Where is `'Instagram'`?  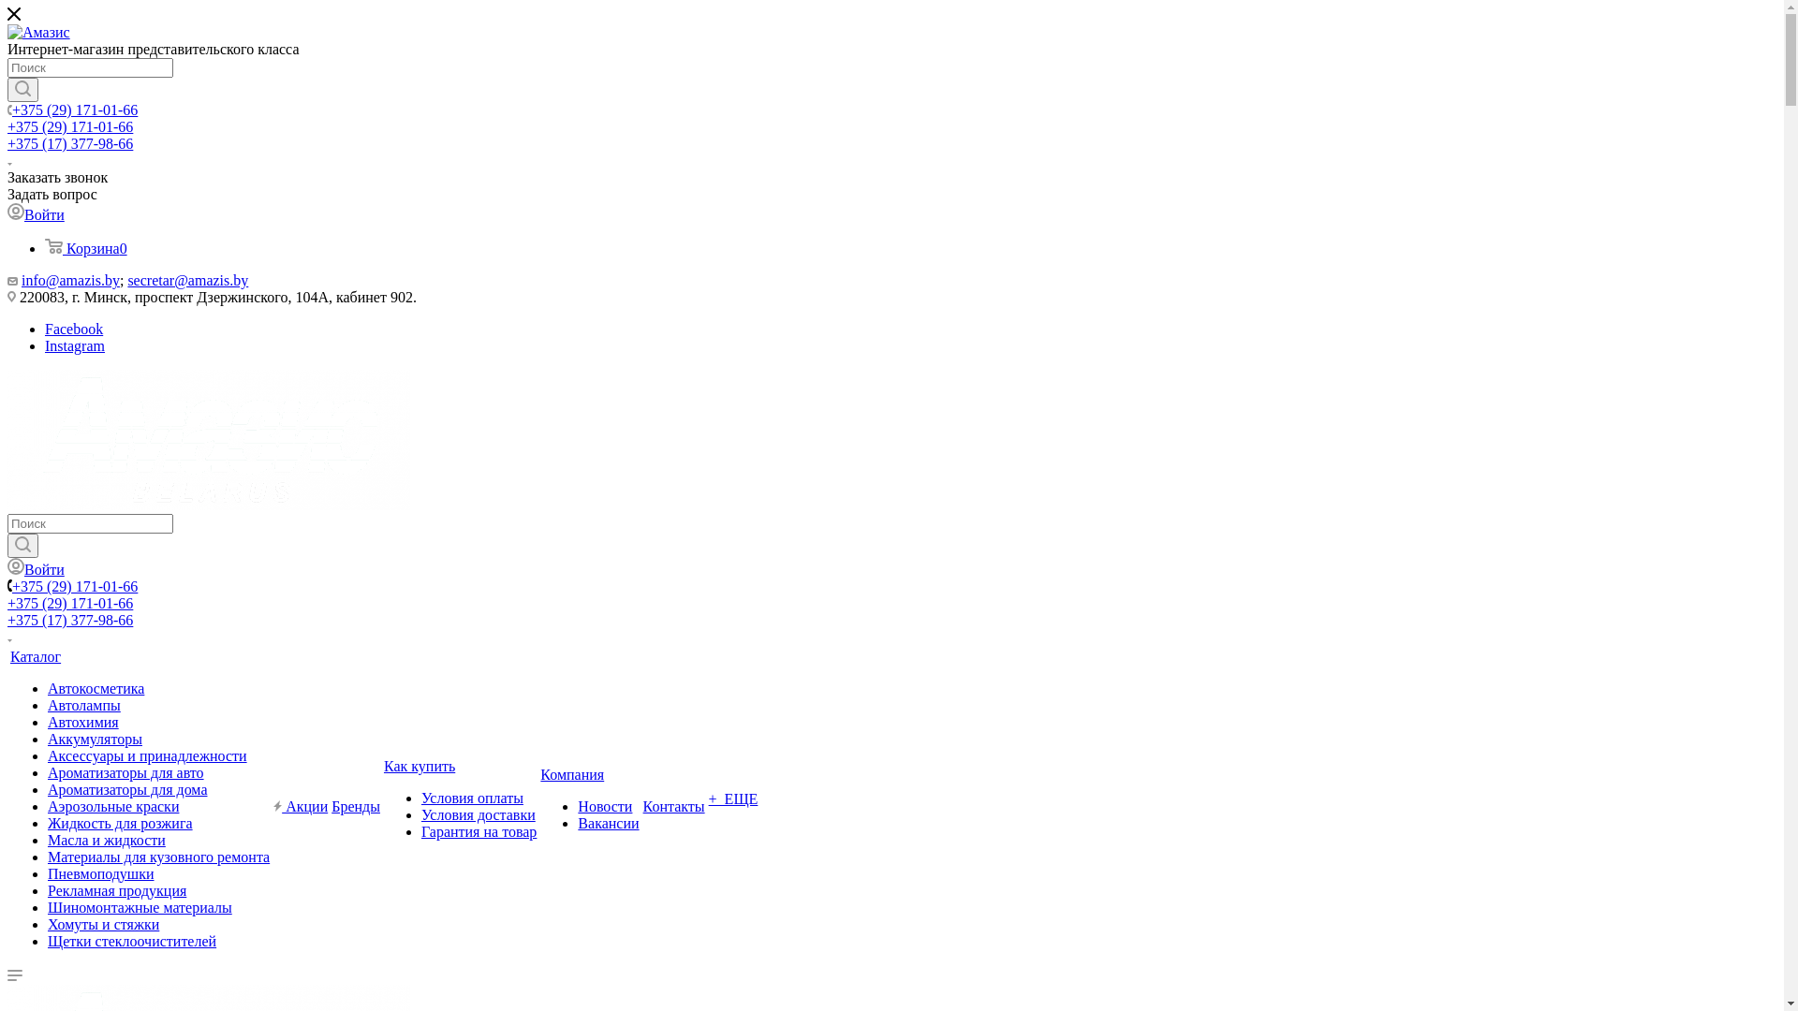
'Instagram' is located at coordinates (45, 345).